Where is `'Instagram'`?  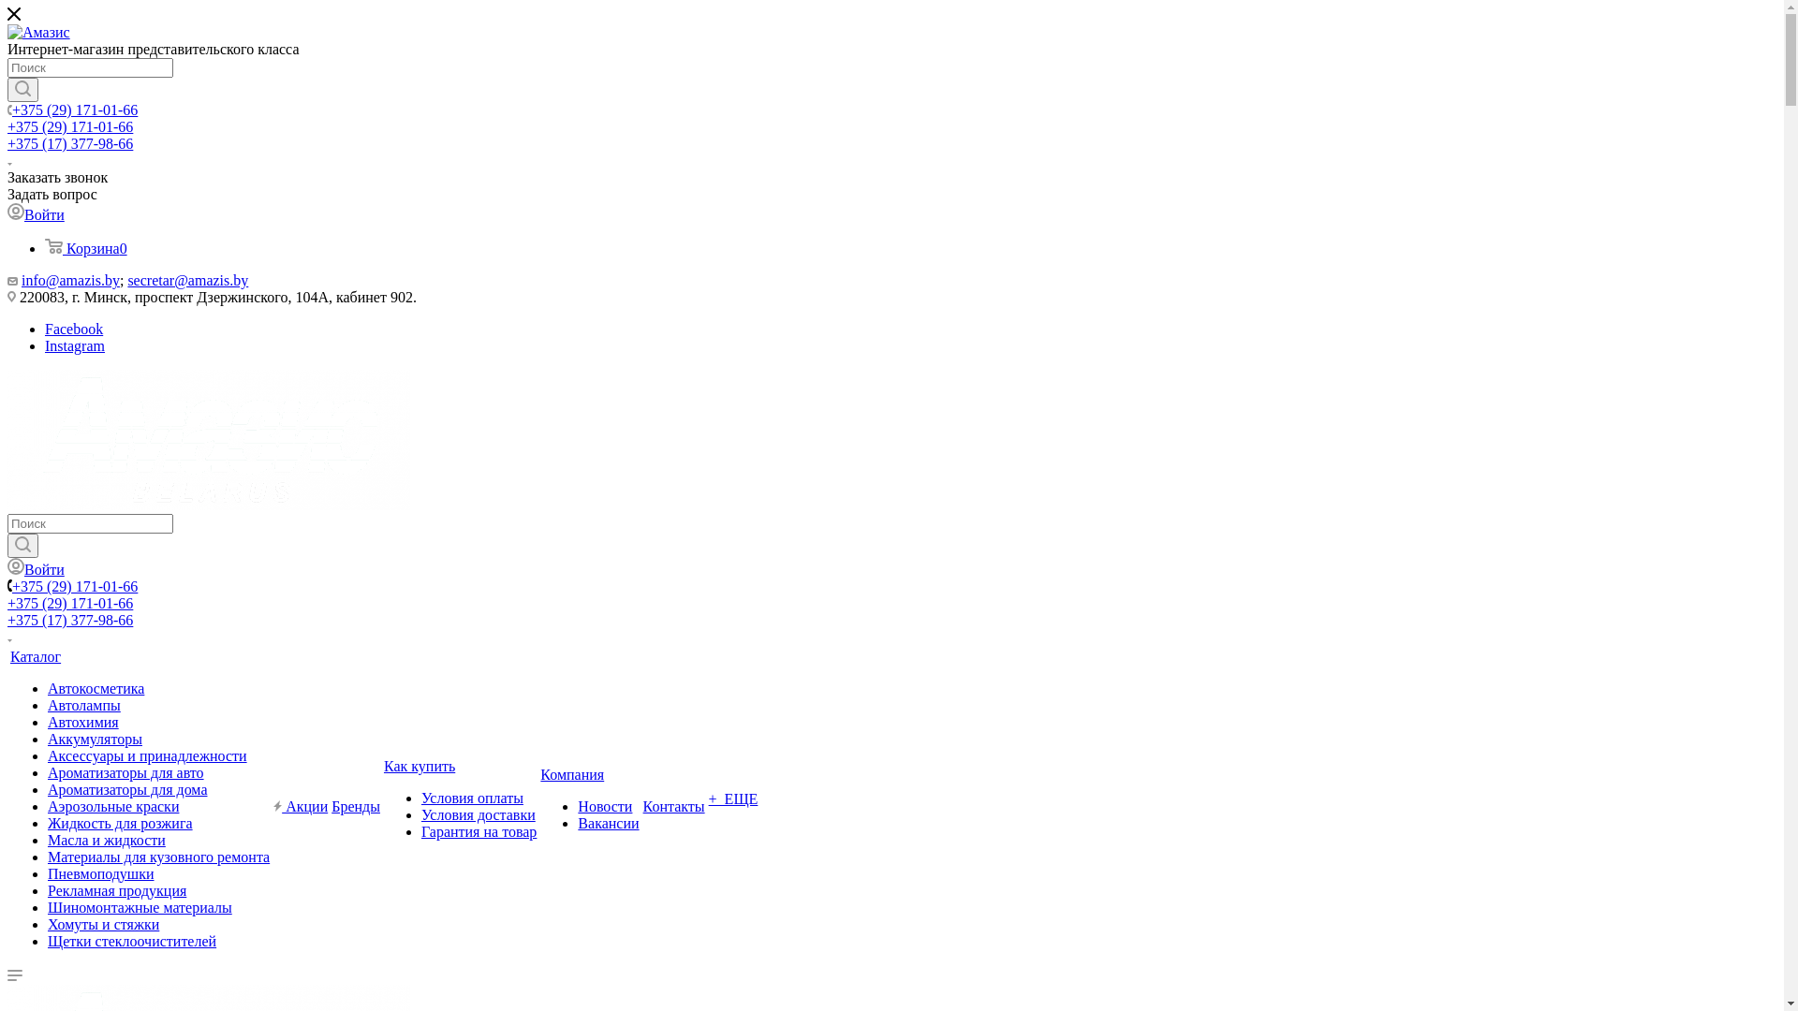
'Instagram' is located at coordinates (45, 345).